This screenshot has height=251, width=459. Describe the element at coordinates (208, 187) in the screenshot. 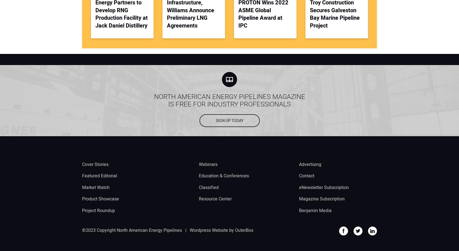

I see `'Classified'` at that location.